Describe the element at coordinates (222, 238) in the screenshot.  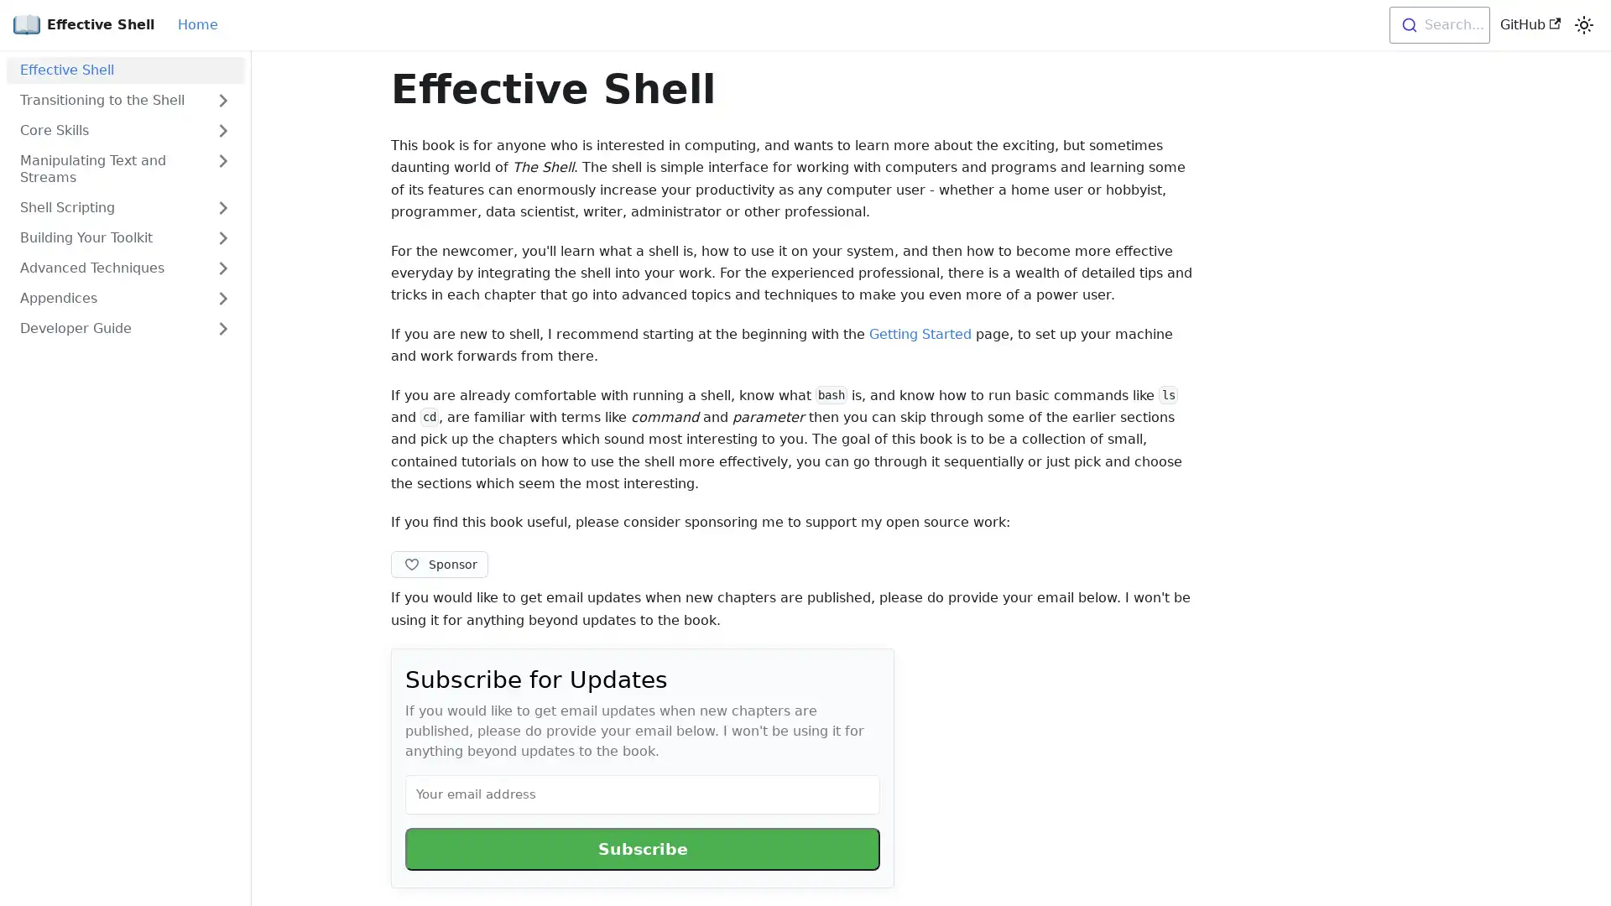
I see `Toggle the collapsible sidebar category 'Building Your Toolkit'` at that location.